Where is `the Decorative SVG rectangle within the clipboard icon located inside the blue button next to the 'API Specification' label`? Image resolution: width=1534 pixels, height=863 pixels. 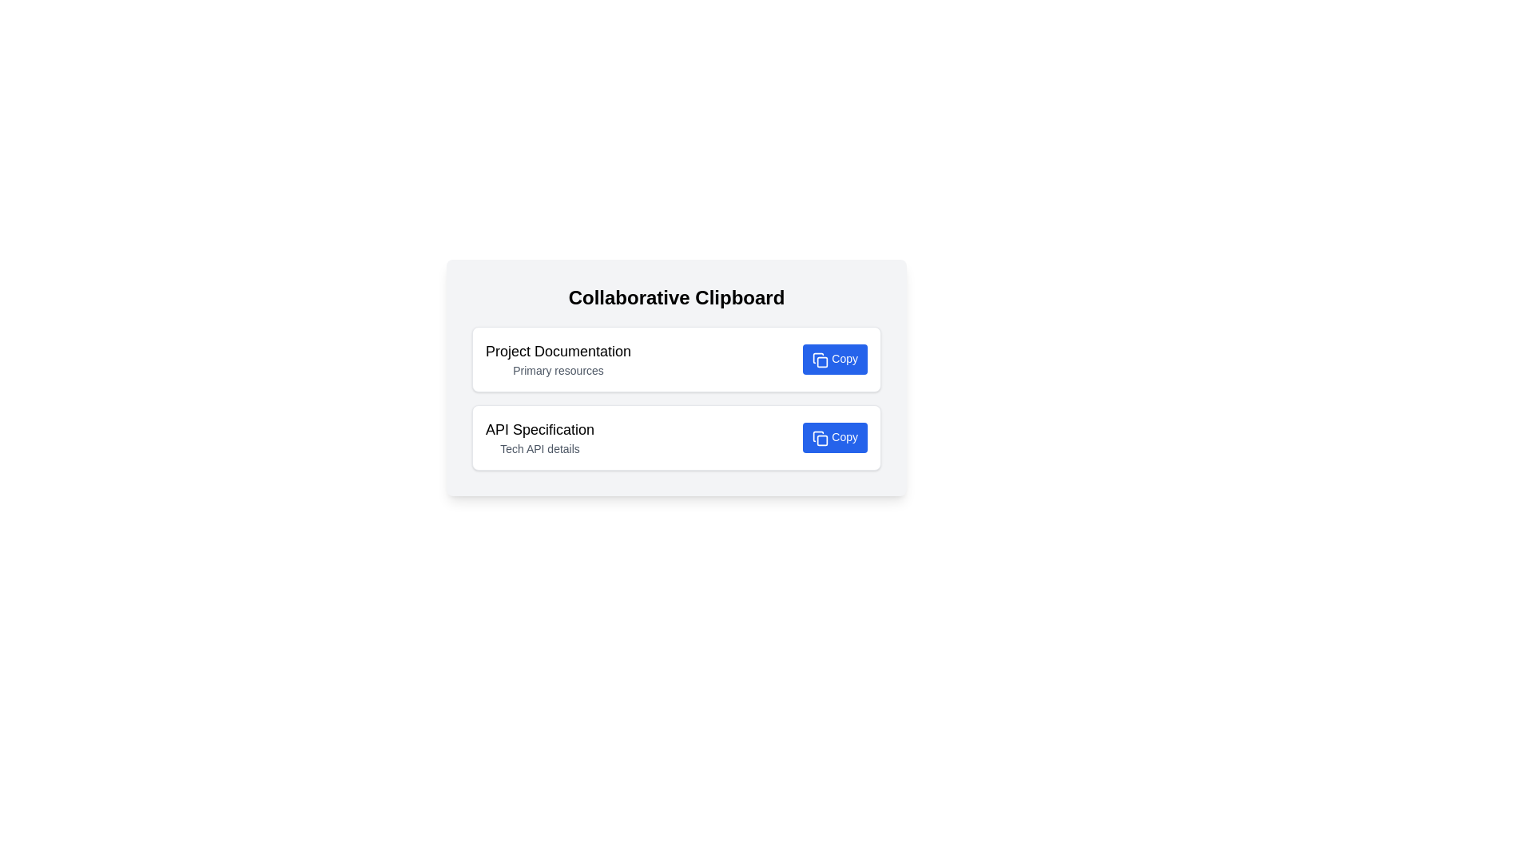
the Decorative SVG rectangle within the clipboard icon located inside the blue button next to the 'API Specification' label is located at coordinates (822, 362).